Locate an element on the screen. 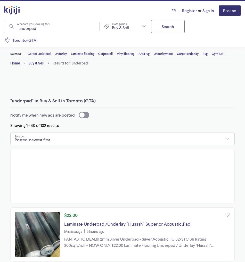 The width and height of the screenshot is (245, 262). 'Showing 1 - 40 of 102 results' is located at coordinates (35, 125).